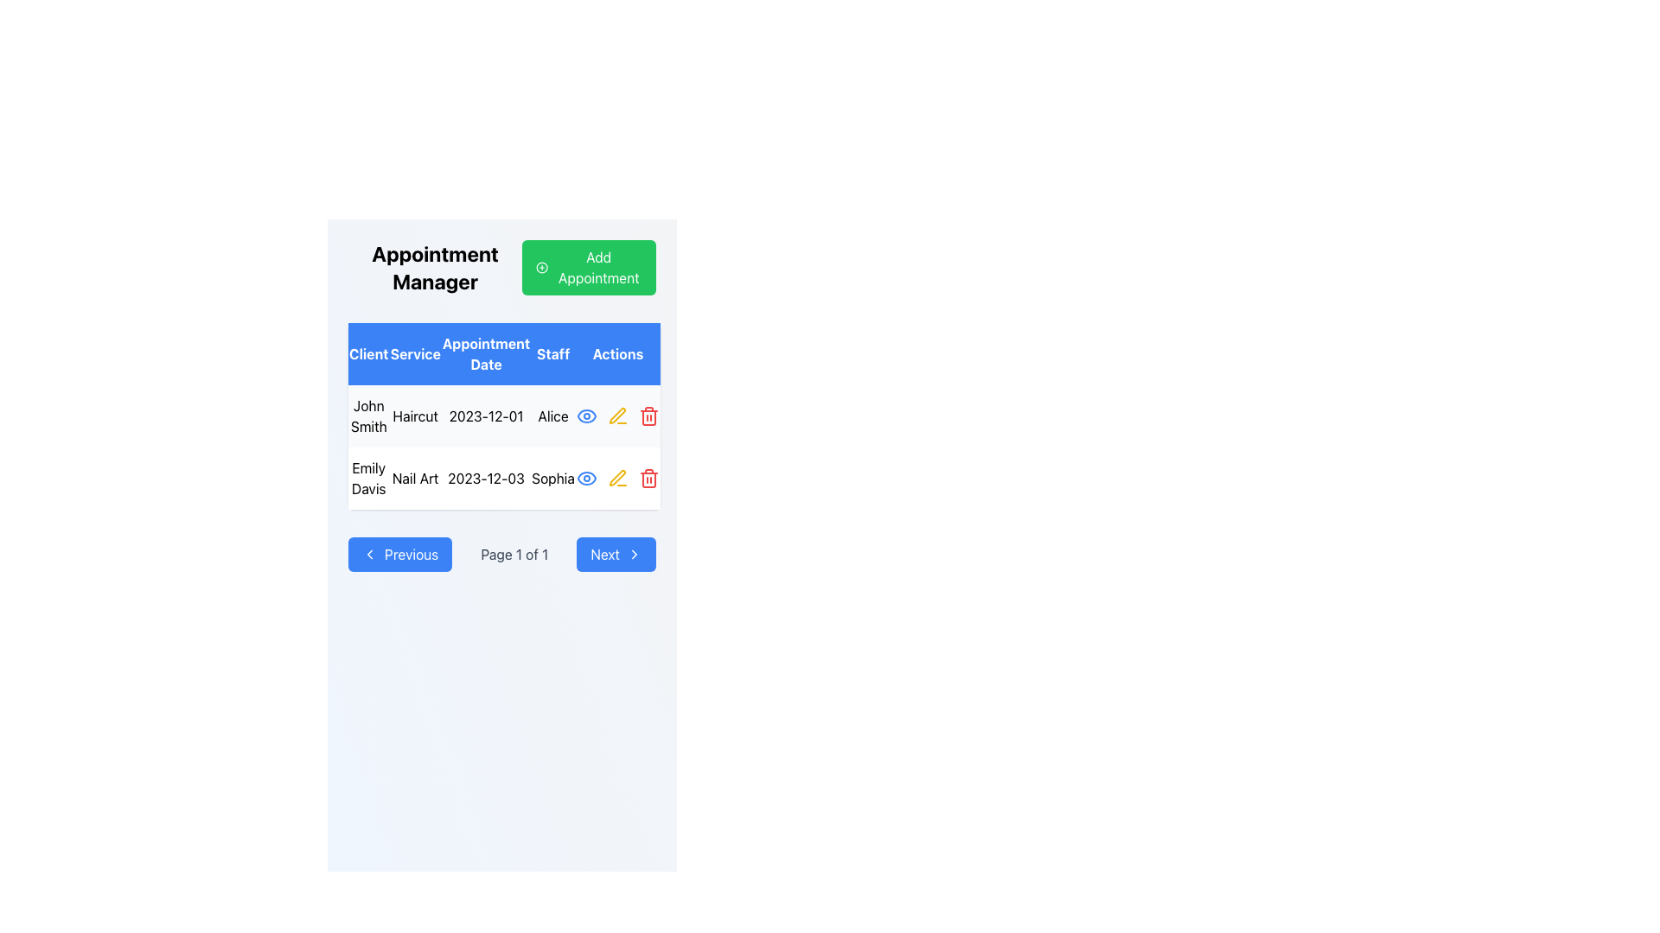  Describe the element at coordinates (503, 446) in the screenshot. I see `to select the table row containing 'Emily Davis', 'Nail Art', '2023-12-03', and 'Sophia' in the Appointment Manager section` at that location.